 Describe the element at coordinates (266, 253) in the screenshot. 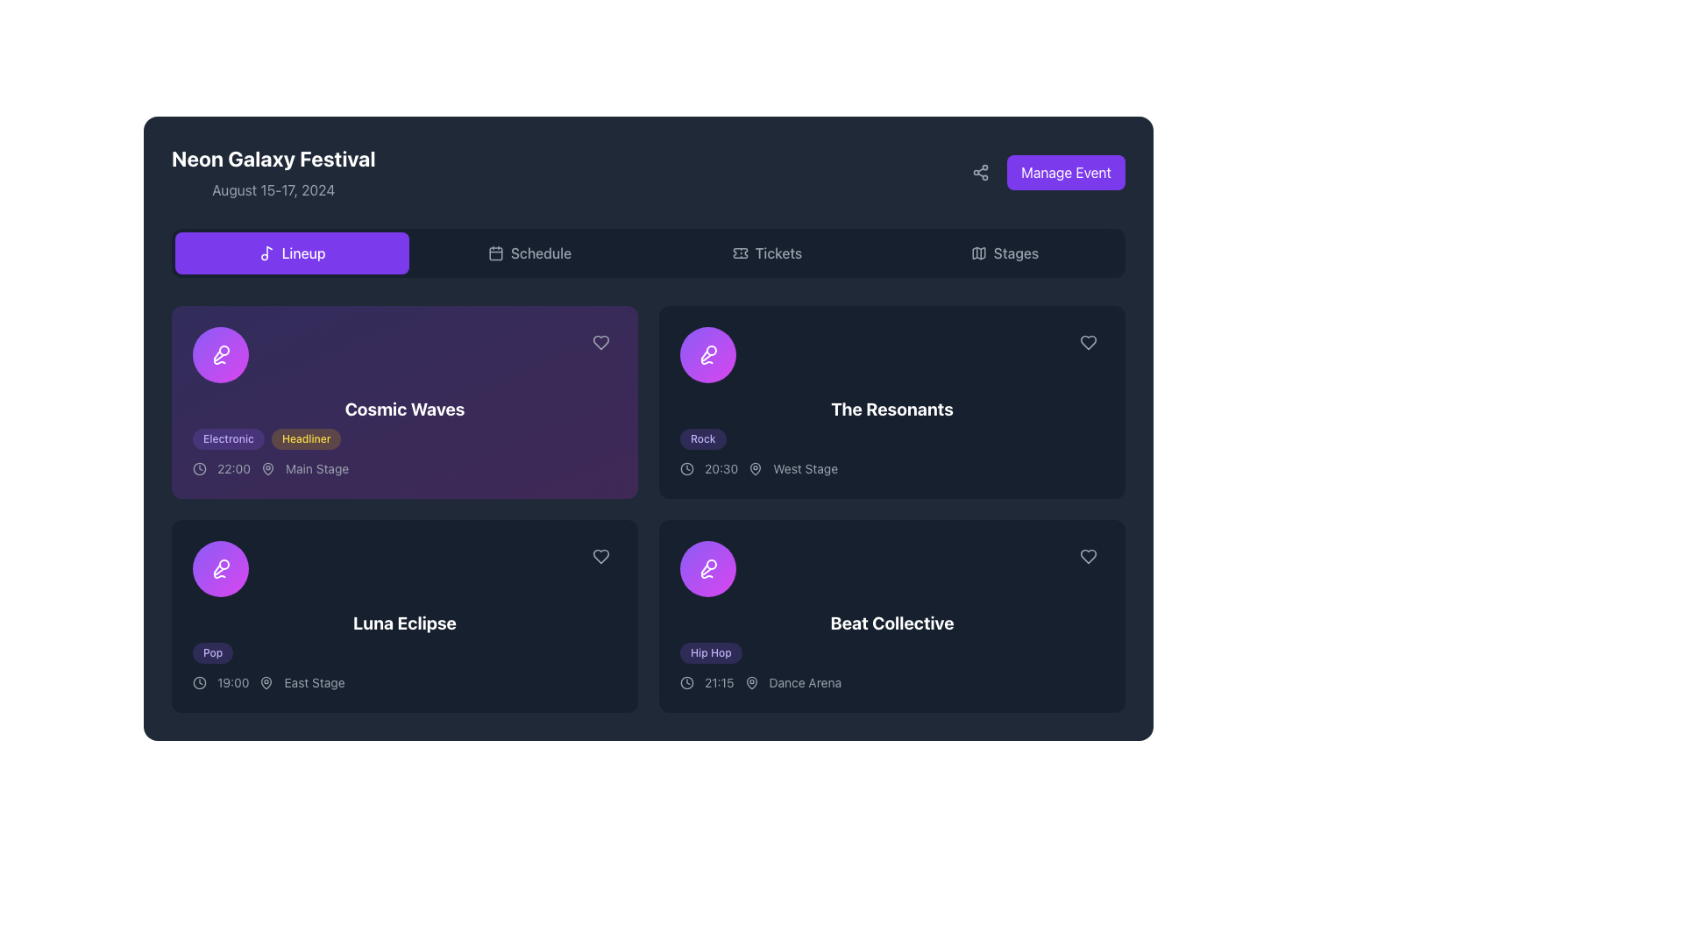

I see `the decorative icon located in the upper navigation bar, positioned to the left of the 'Lineup' button, which signifies its function related to musical or event lineups` at that location.